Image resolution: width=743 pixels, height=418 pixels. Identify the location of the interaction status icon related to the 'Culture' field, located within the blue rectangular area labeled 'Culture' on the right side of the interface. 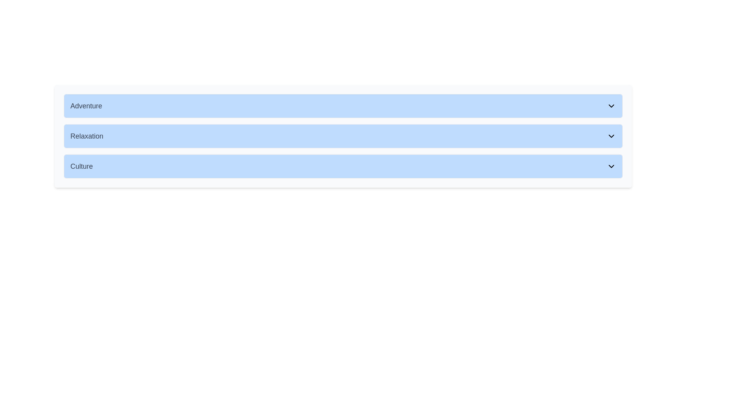
(616, 163).